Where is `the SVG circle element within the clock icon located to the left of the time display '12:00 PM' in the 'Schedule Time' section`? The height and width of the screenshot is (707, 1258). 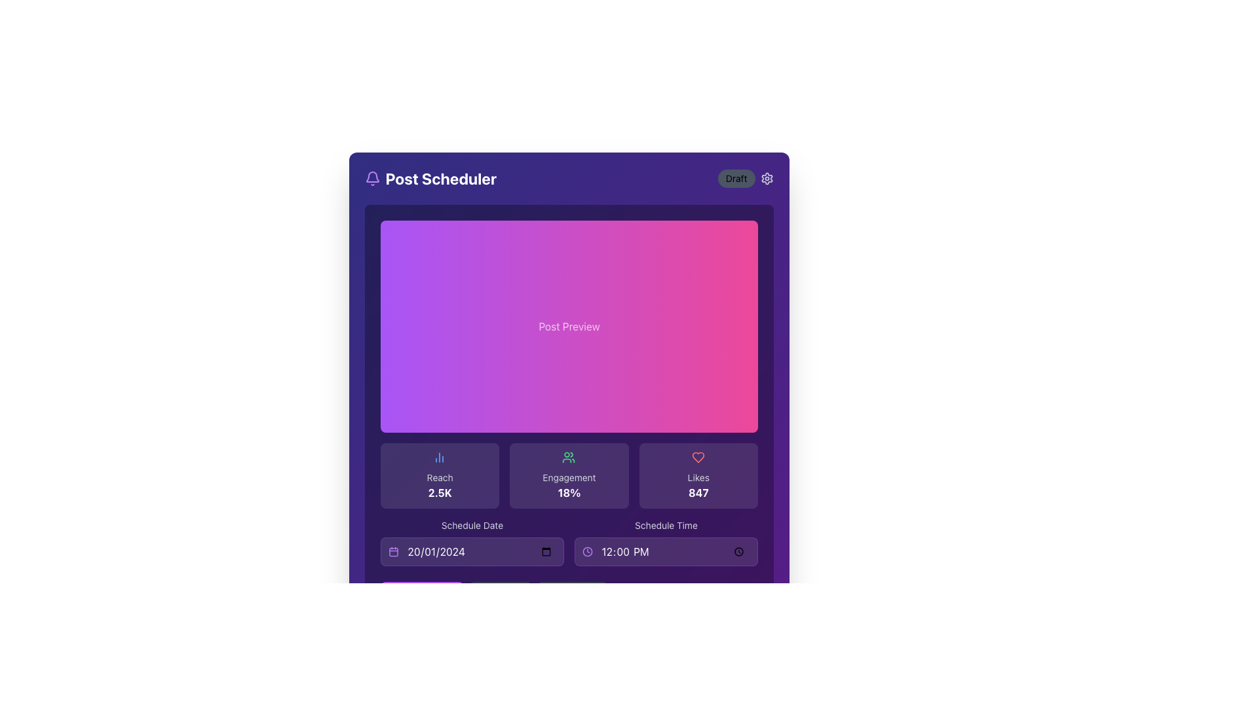 the SVG circle element within the clock icon located to the left of the time display '12:00 PM' in the 'Schedule Time' section is located at coordinates (586, 552).